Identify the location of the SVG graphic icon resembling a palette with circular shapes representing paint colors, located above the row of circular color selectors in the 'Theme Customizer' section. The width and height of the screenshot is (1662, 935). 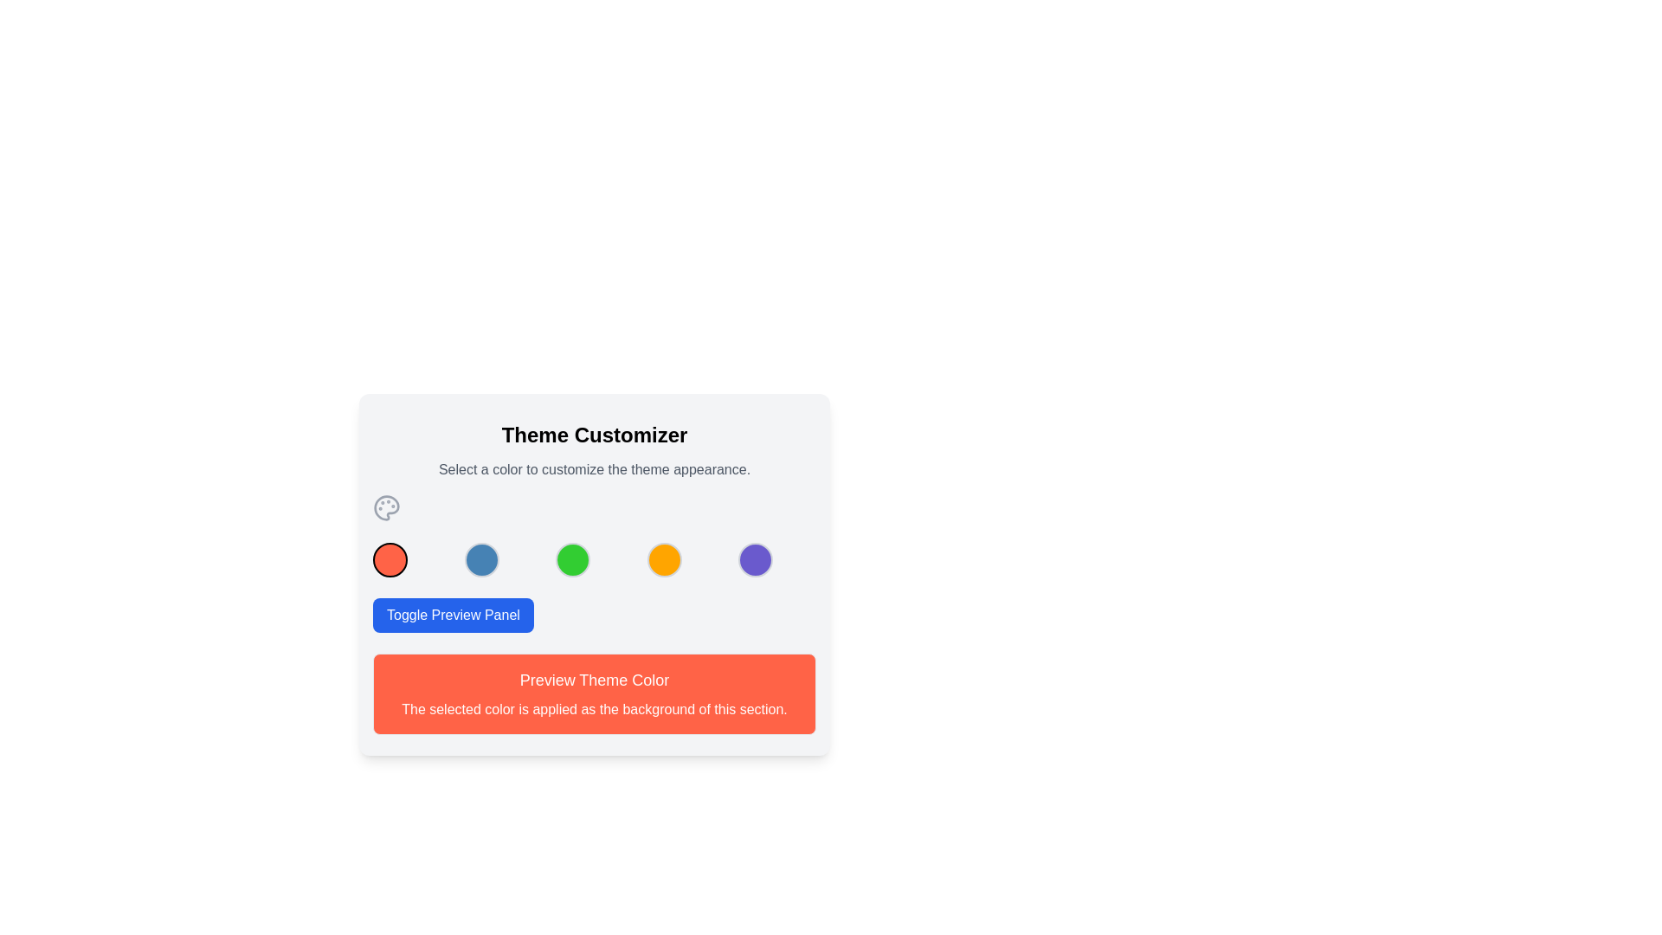
(385, 506).